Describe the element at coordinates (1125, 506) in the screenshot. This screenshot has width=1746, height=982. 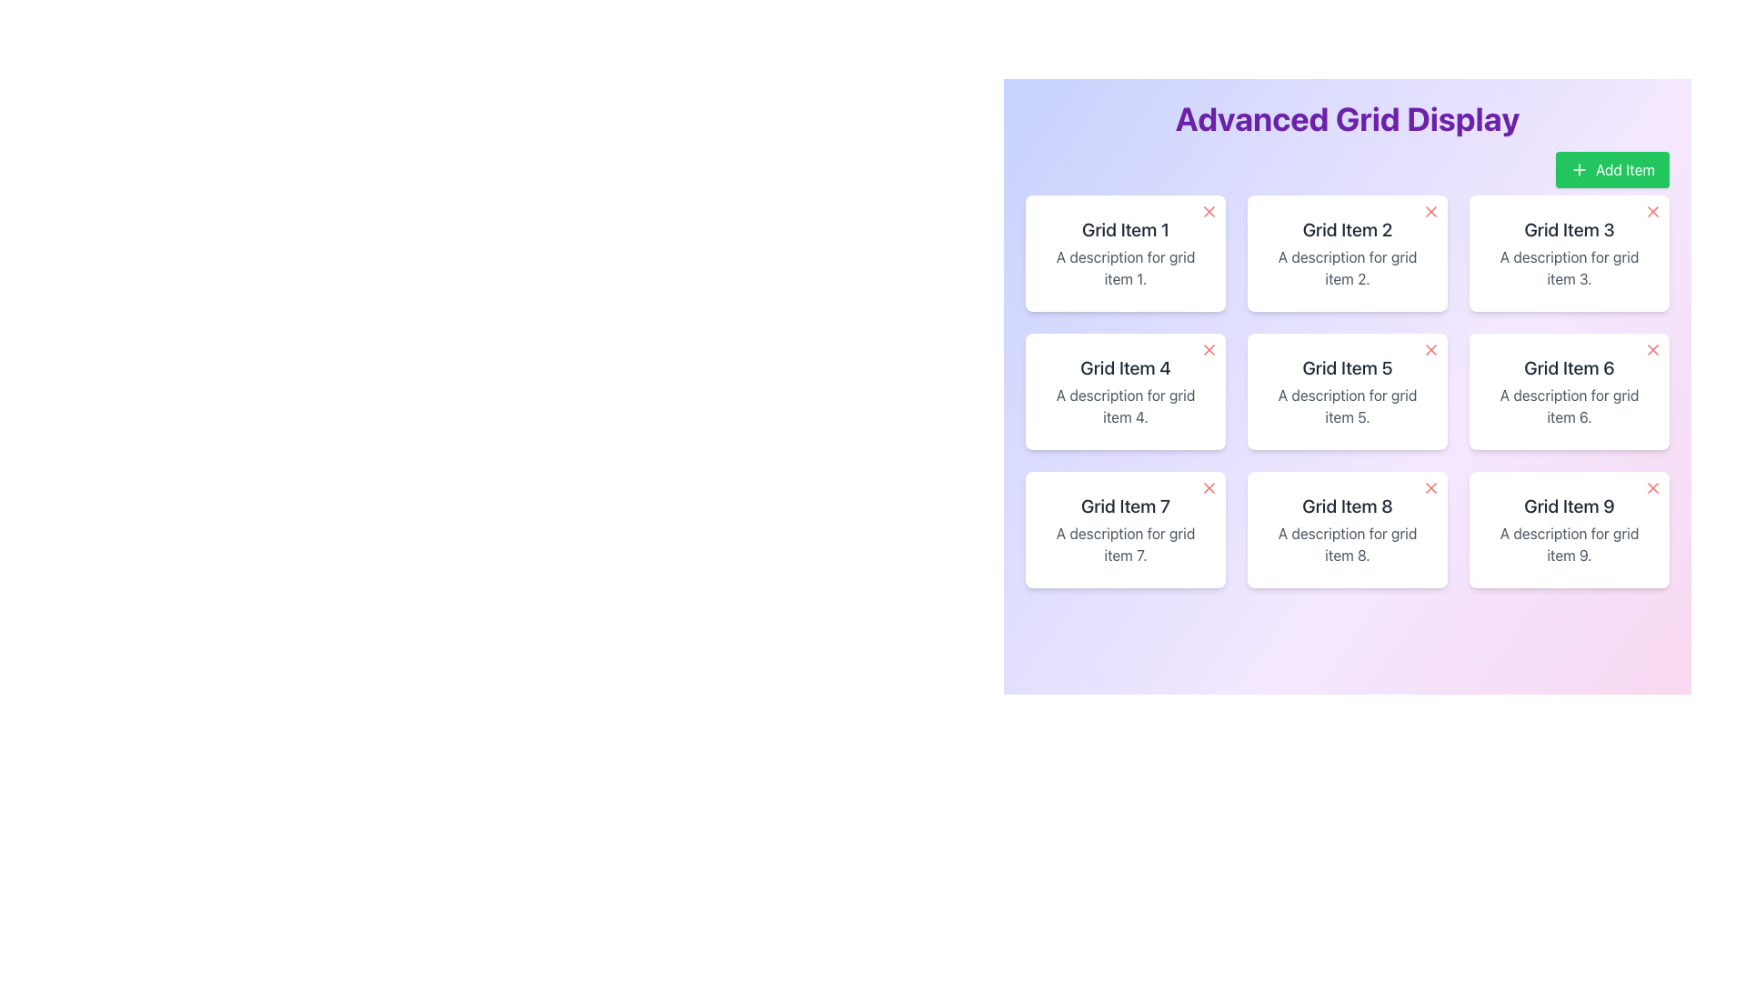
I see `the 'Grid Item 7' static text element, which serves as the title for the card in the first column of the second row in a 3x3 grid layout` at that location.